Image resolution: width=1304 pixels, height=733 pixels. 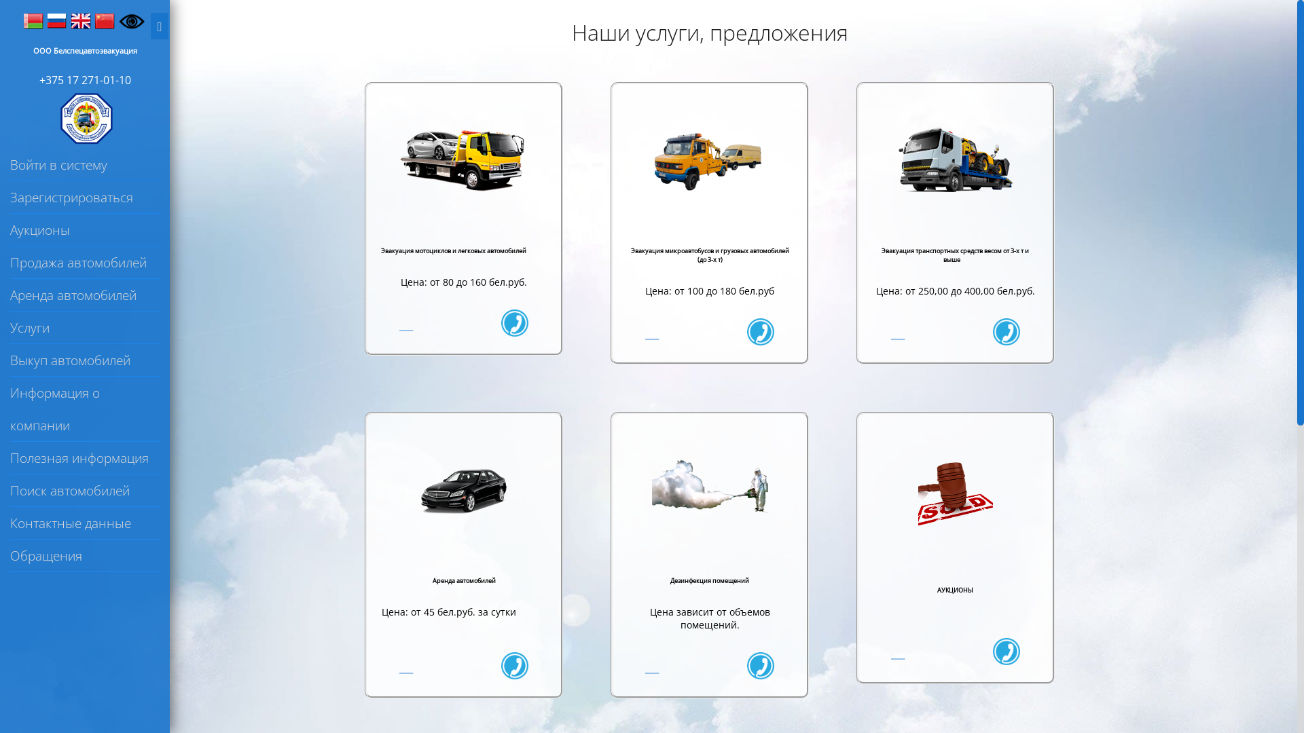 What do you see at coordinates (81, 21) in the screenshot?
I see `'English'` at bounding box center [81, 21].